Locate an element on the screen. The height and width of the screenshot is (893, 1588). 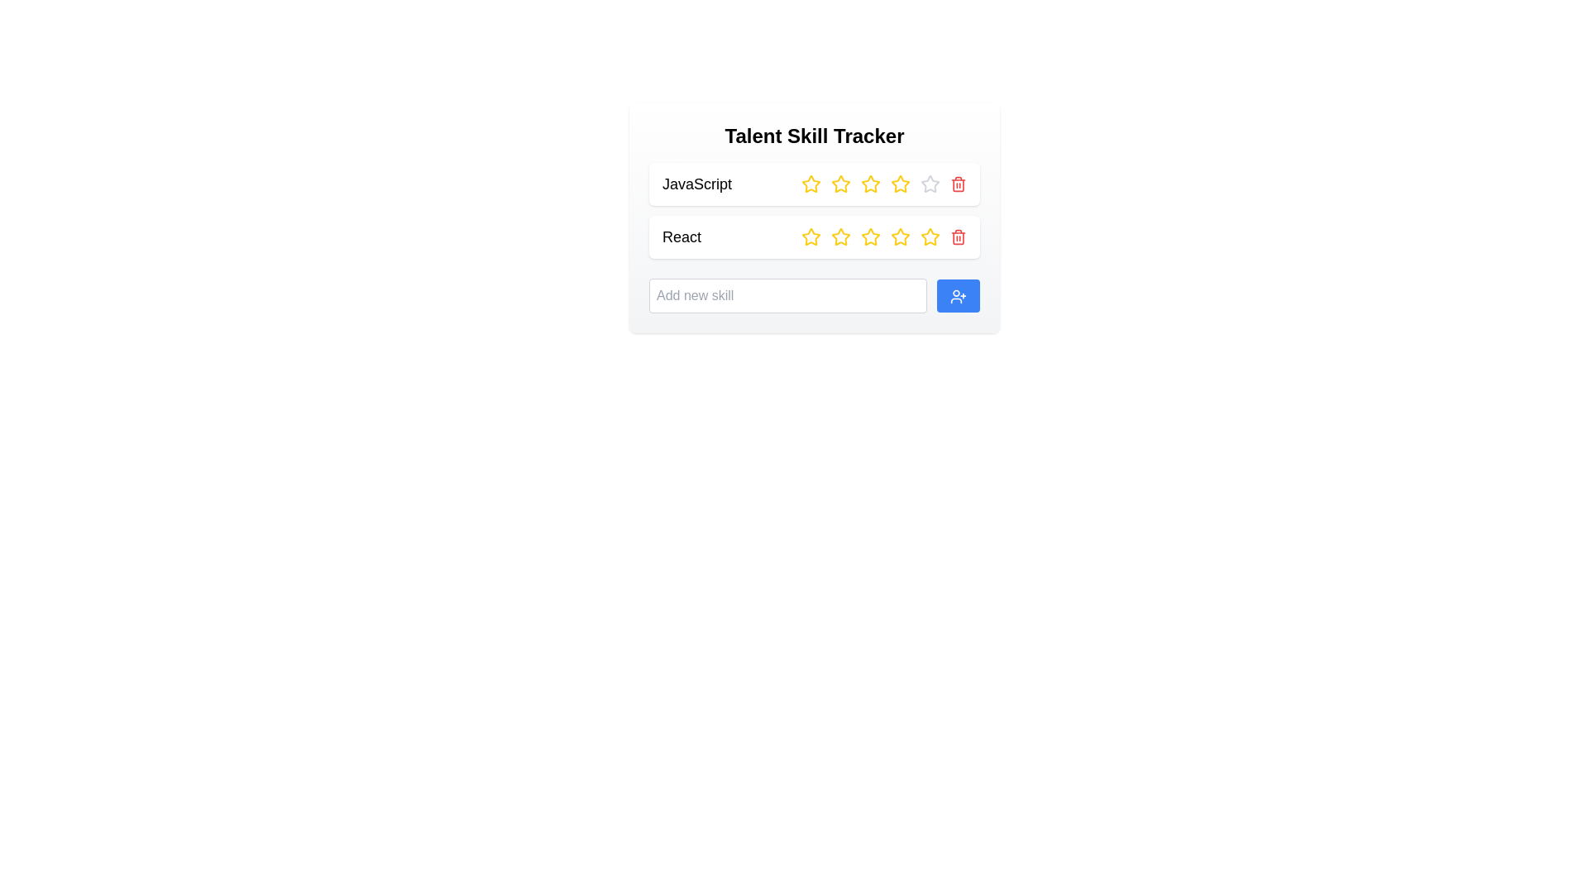
the stars in the Rating interface located in the second row under the 'React' skill label to modify the rating is located at coordinates (883, 236).